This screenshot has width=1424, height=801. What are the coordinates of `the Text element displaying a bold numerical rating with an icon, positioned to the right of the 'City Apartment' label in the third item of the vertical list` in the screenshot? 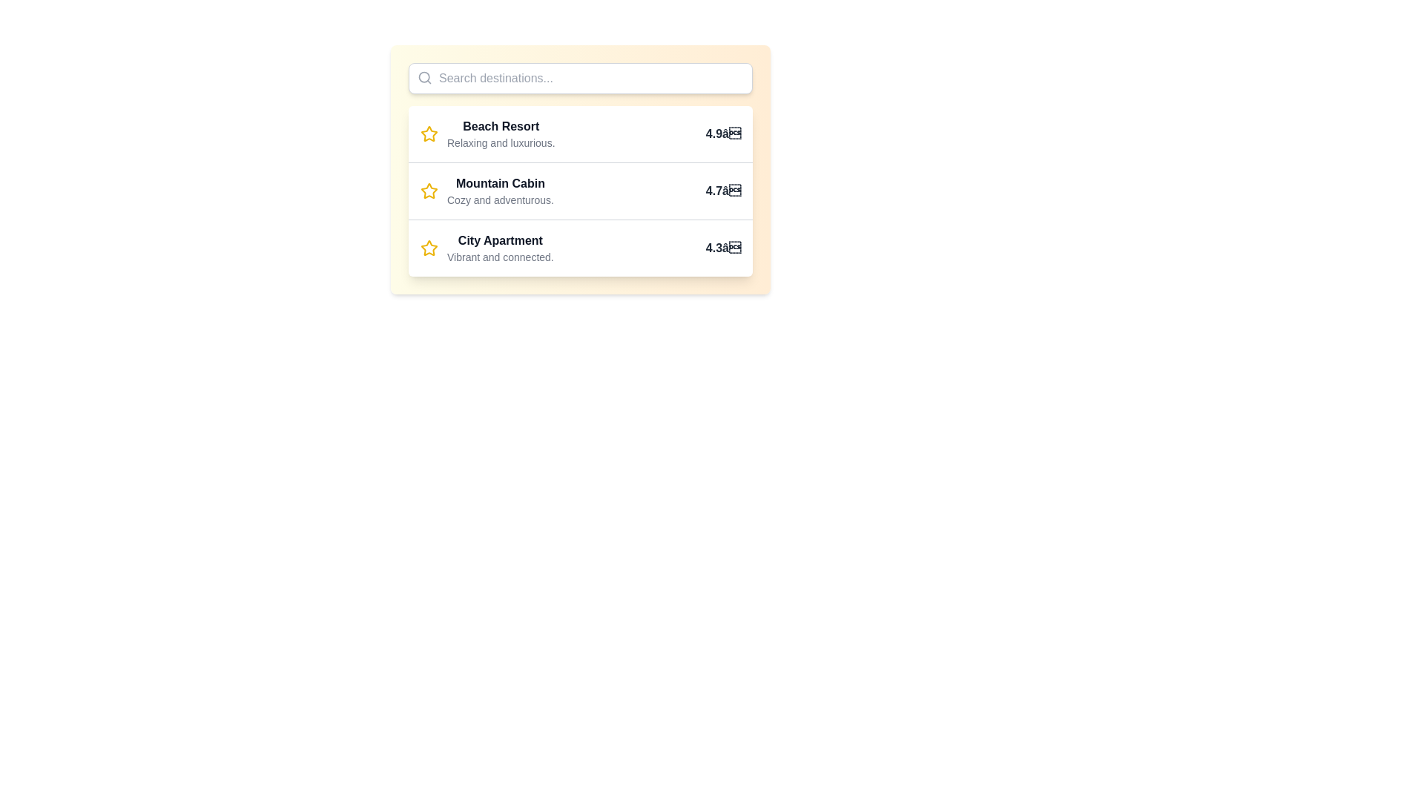 It's located at (723, 248).